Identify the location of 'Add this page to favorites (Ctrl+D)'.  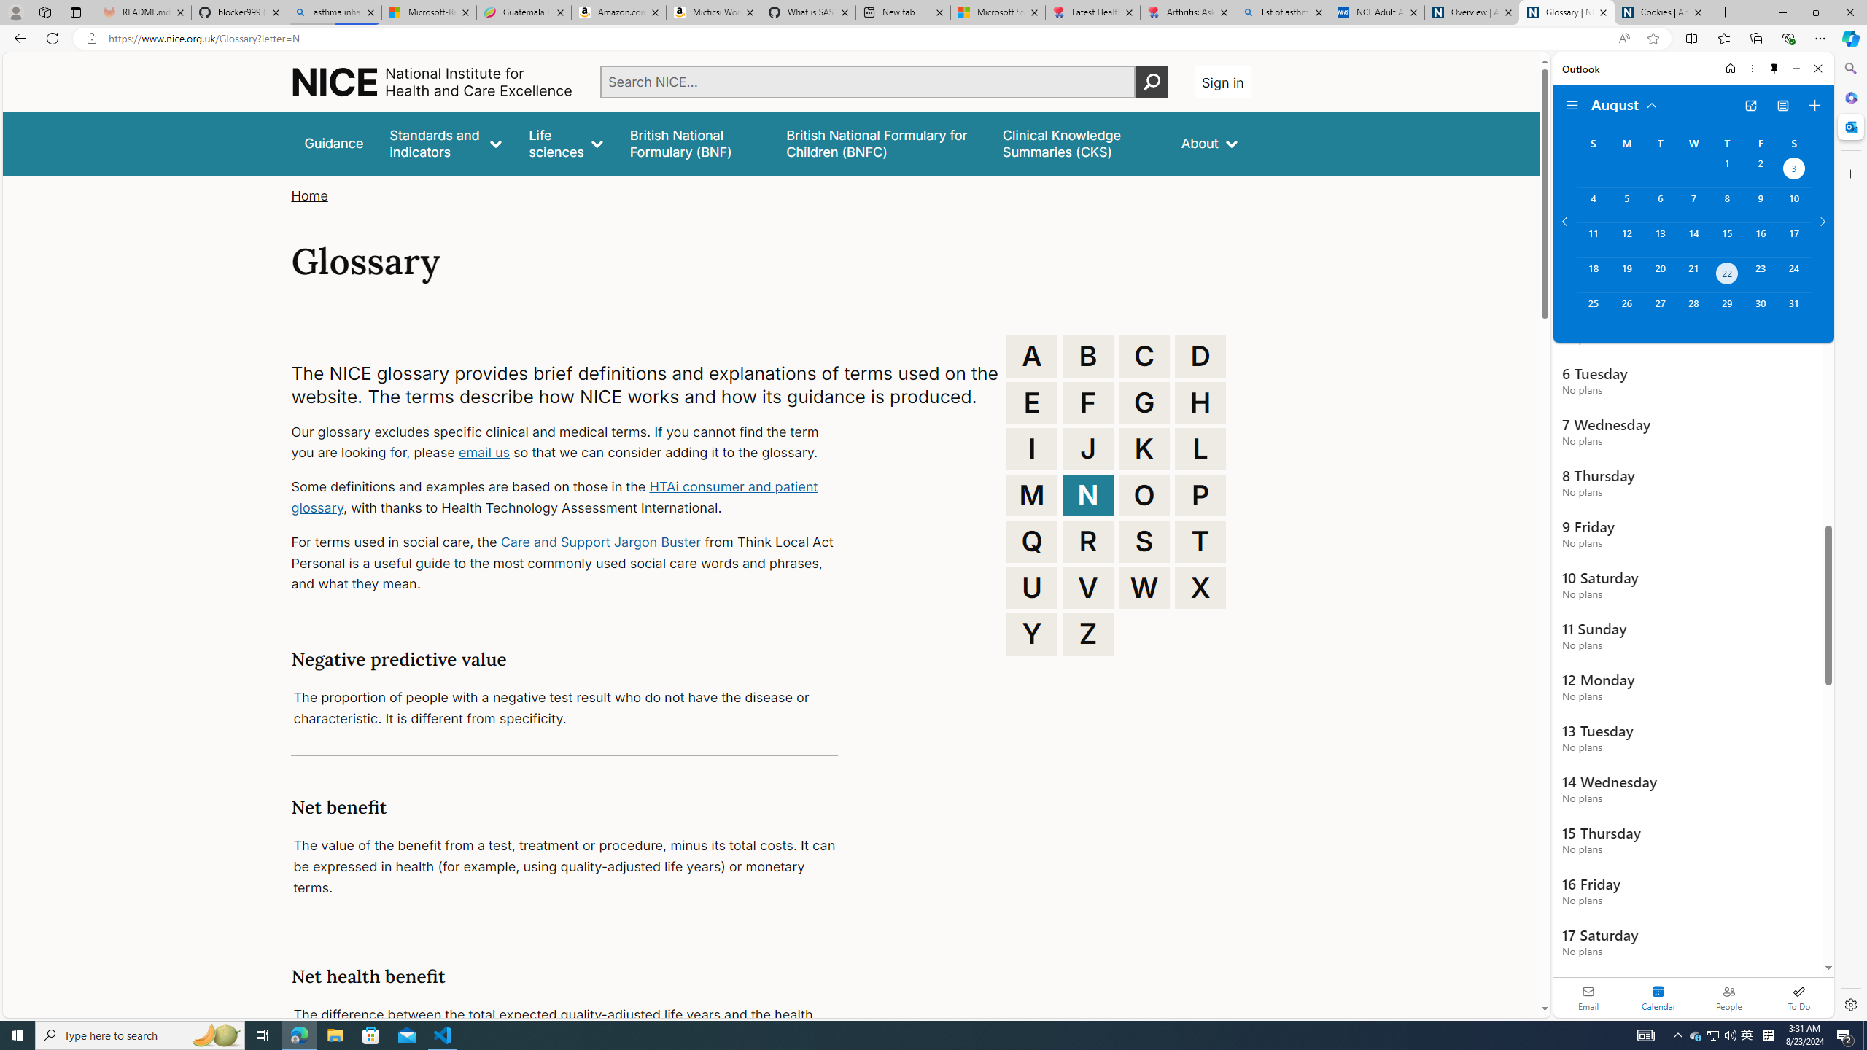
(1653, 39).